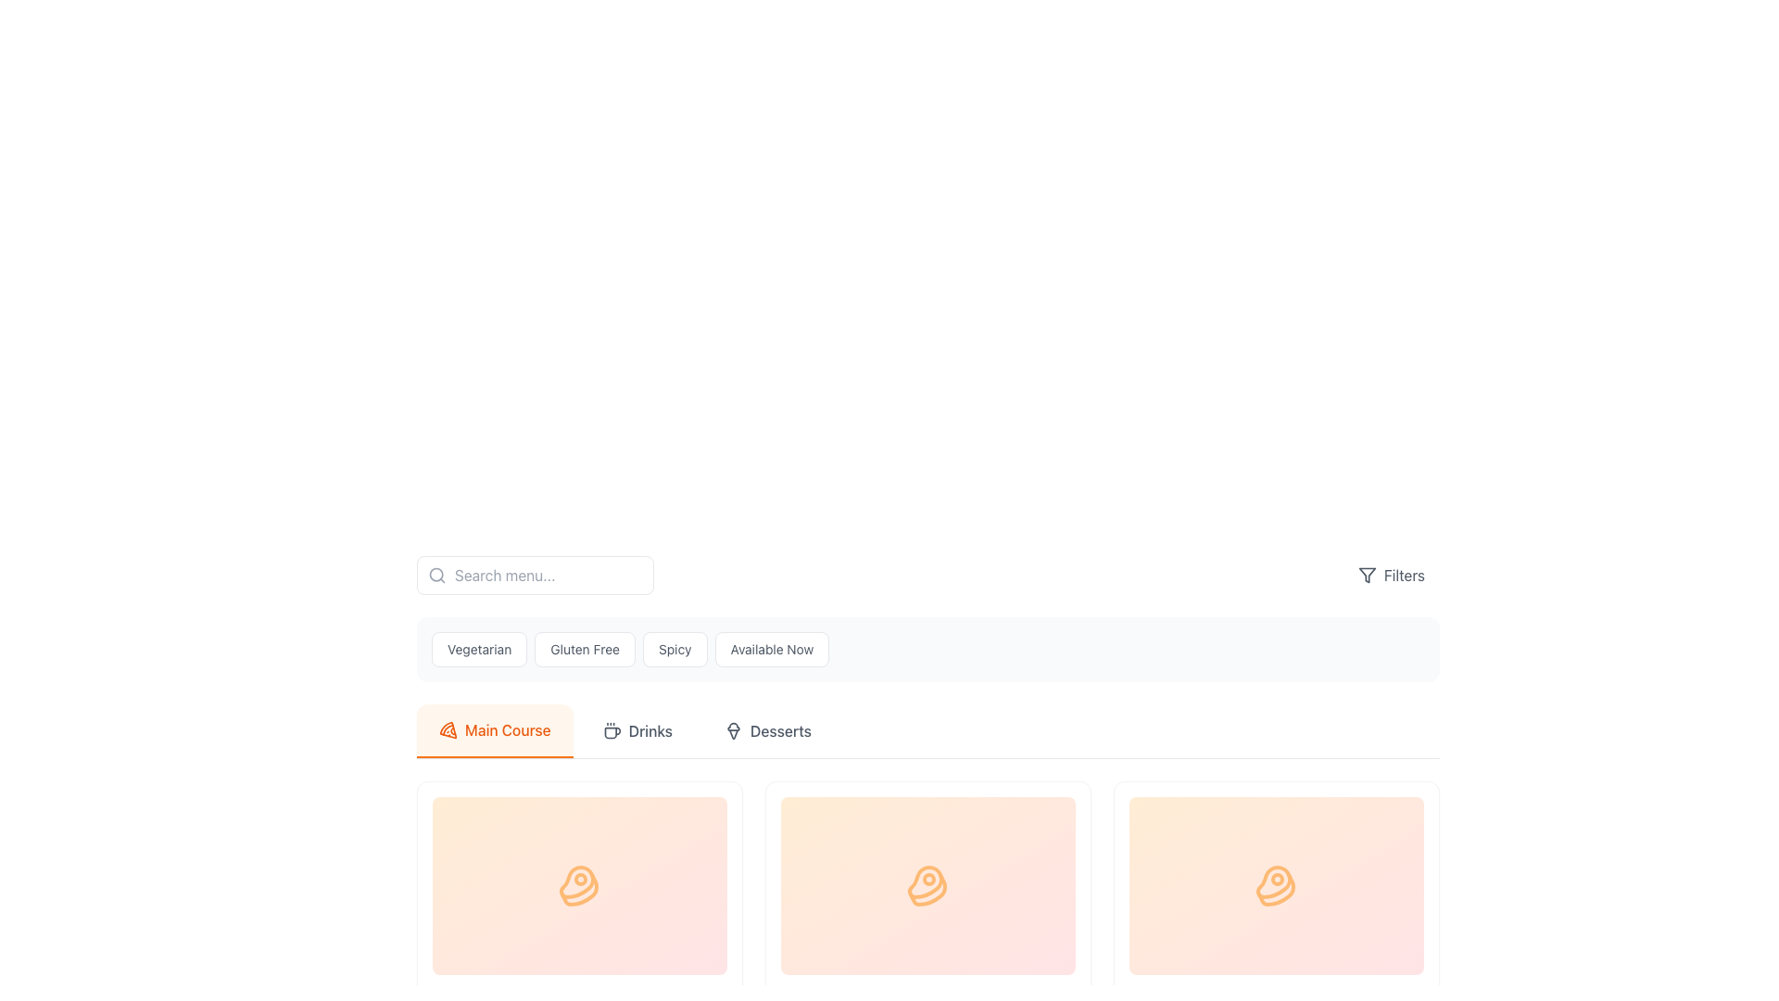  Describe the element at coordinates (1275, 885) in the screenshot. I see `the rightmost item in the 'Main Course' section, which represents a dish or food item from the menu` at that location.